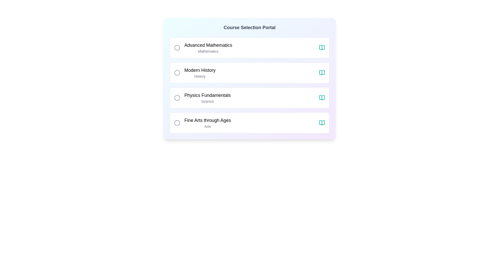  Describe the element at coordinates (321, 48) in the screenshot. I see `the icon located in the top-right corner of the 'Advanced Mathematics' section of the first course card` at that location.